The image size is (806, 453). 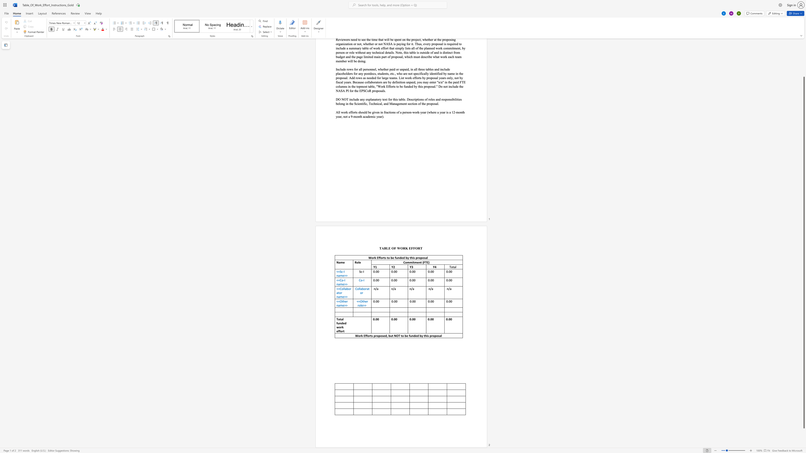 I want to click on the scrollbar to move the page up, so click(x=803, y=60).